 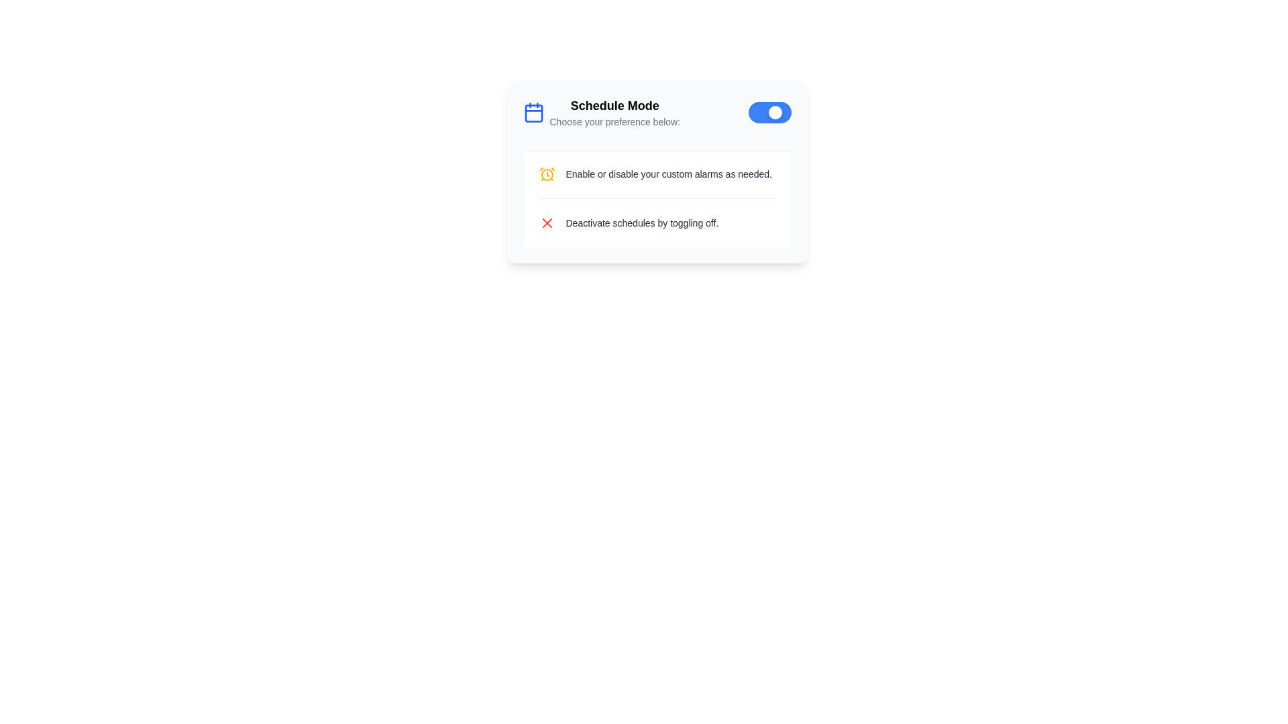 I want to click on the static text element that provides guidance about enabling or disabling alarms, located under the 'Schedule Mode' section and positioned as the first instruction following the header, so click(x=669, y=173).